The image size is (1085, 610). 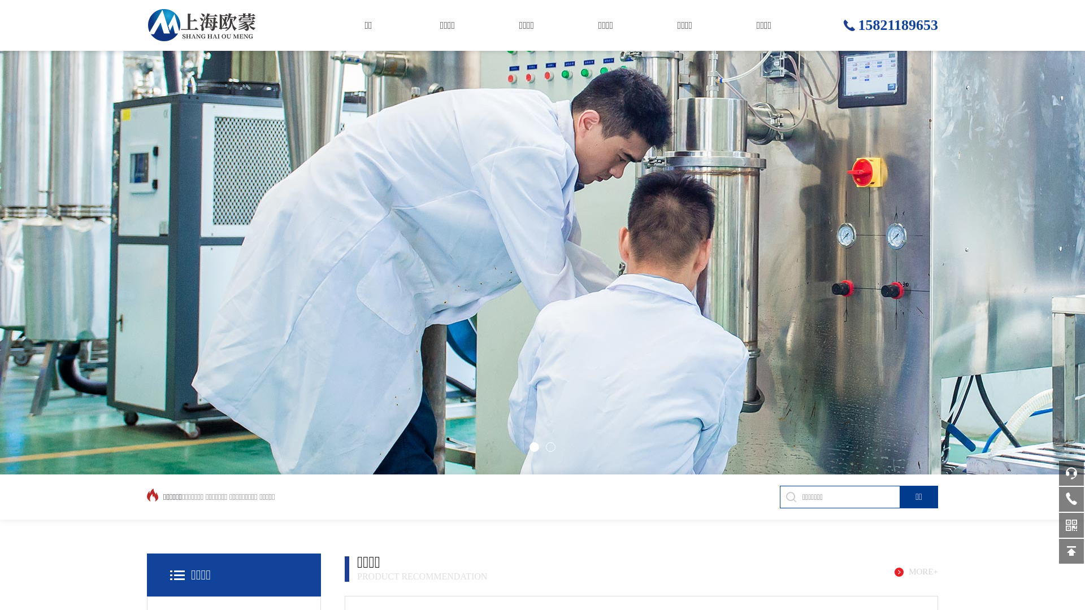 What do you see at coordinates (894, 572) in the screenshot?
I see `'MORE+'` at bounding box center [894, 572].